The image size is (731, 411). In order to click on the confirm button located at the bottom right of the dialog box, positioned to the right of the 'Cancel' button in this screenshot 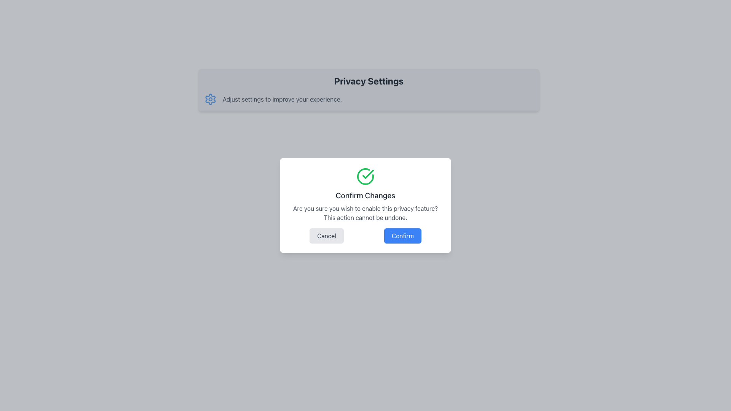, I will do `click(402, 236)`.